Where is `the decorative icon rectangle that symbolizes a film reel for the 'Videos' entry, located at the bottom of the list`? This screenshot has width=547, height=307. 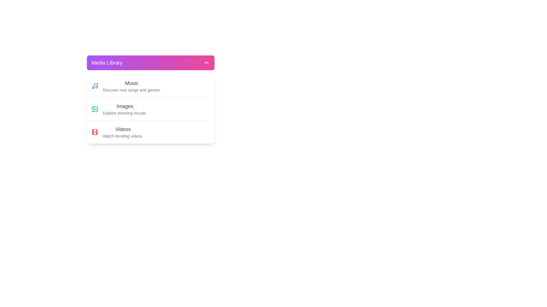 the decorative icon rectangle that symbolizes a film reel for the 'Videos' entry, located at the bottom of the list is located at coordinates (95, 132).